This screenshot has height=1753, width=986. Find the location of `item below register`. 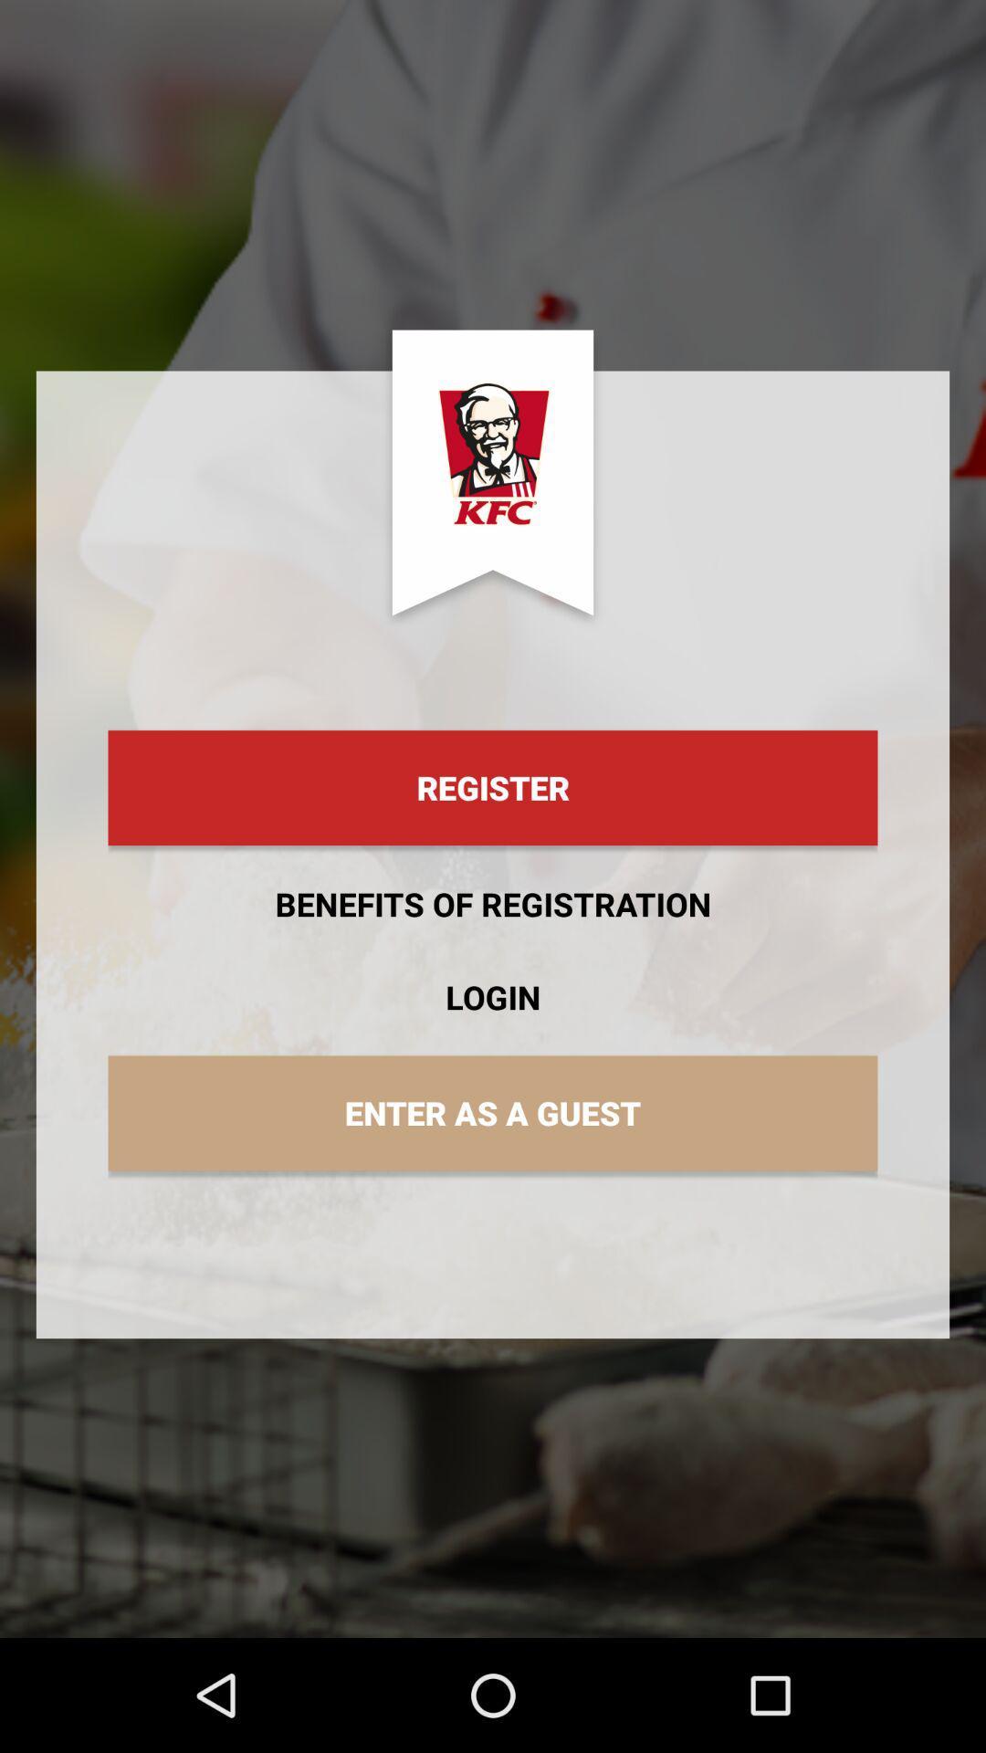

item below register is located at coordinates (493, 904).